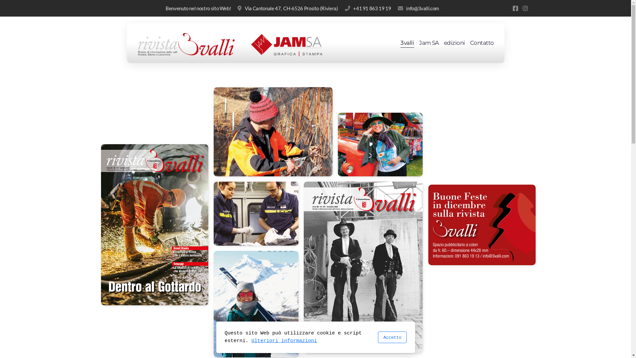  I want to click on '+41 91 863 19 19', so click(367, 8).